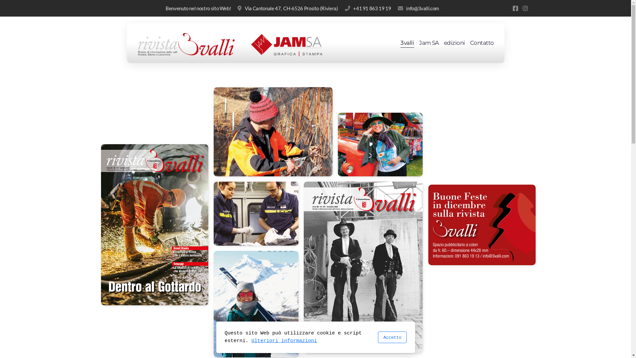  I want to click on '+41 91 863 19 19', so click(367, 8).